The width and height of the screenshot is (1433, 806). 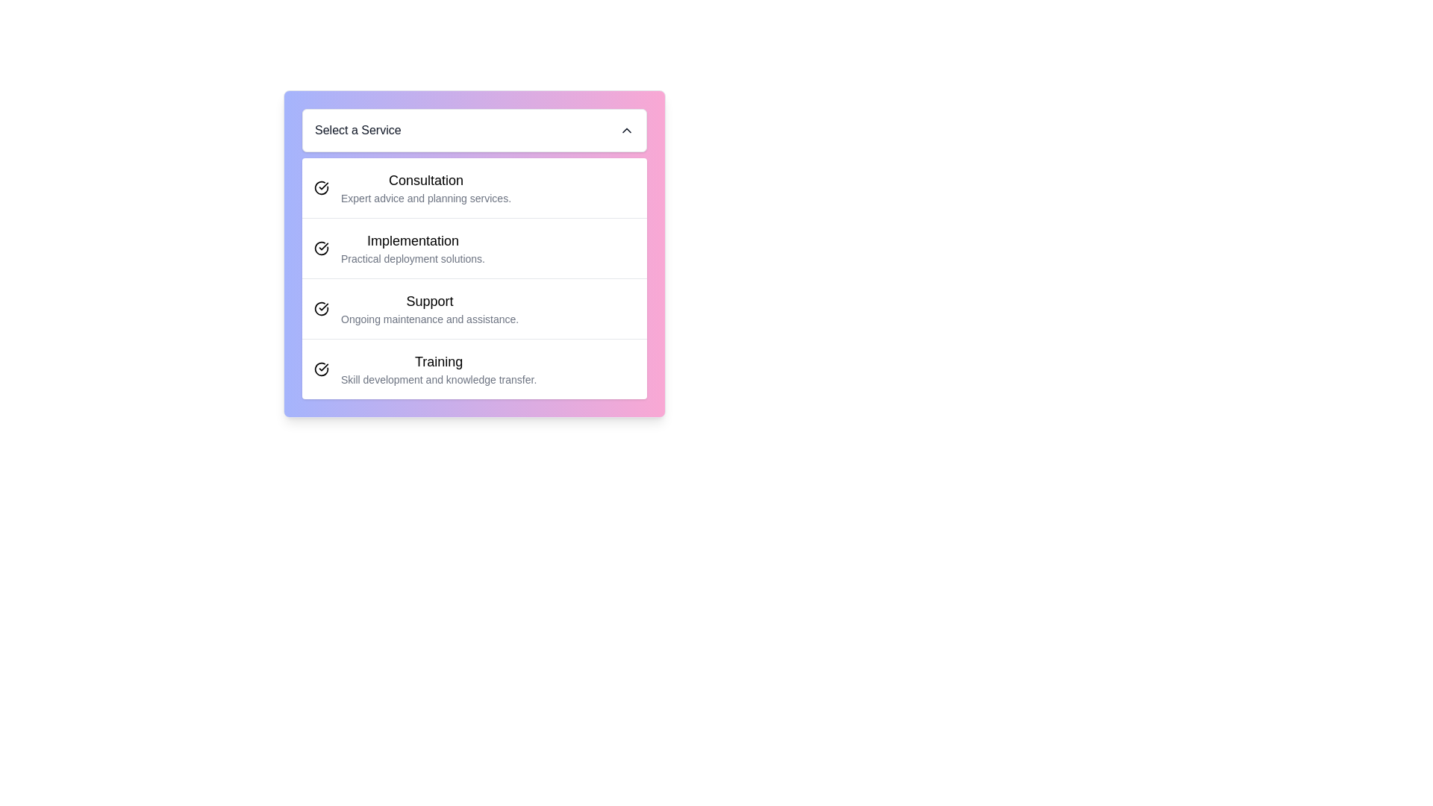 I want to click on to select the 'Consultation' service item, which is the first option in the list under the 'Select a Service' panel, so click(x=473, y=187).